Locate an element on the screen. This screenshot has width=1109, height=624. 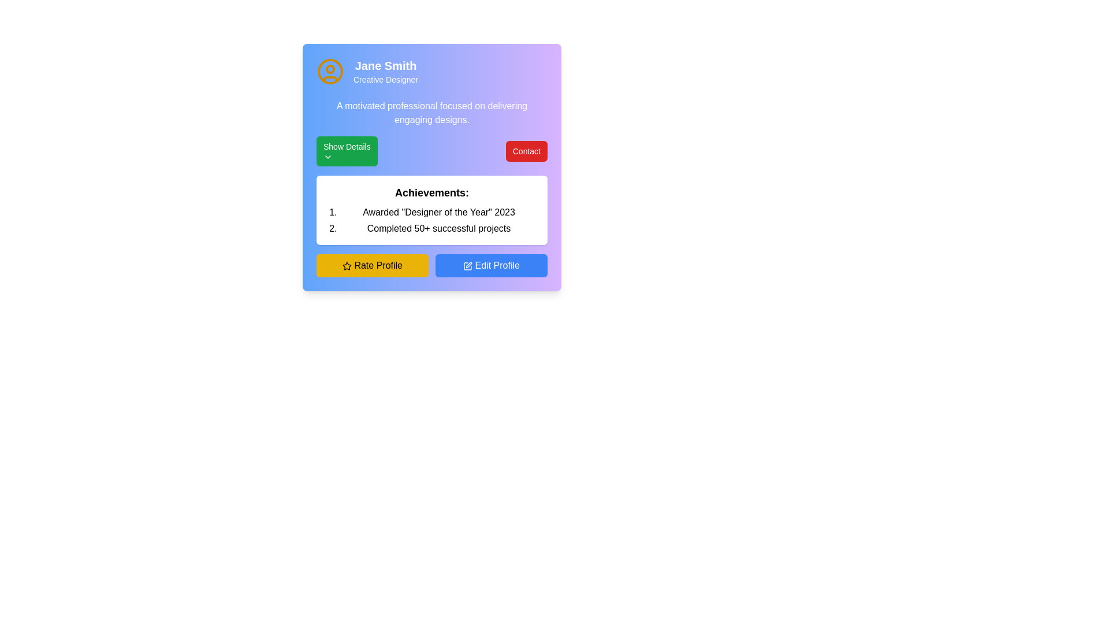
text displayed in the profile's primary identifier, which shows the user's name prominently located in the upper-middle area of the profile card is located at coordinates (385, 66).